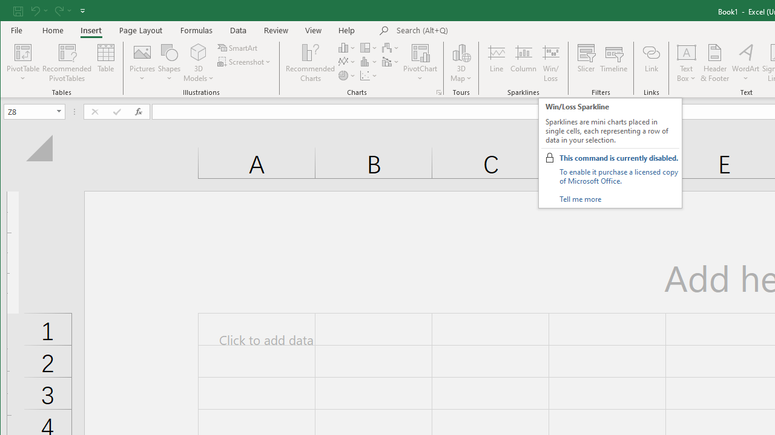 The width and height of the screenshot is (775, 435). I want to click on 'Recommended Charts', so click(438, 92).